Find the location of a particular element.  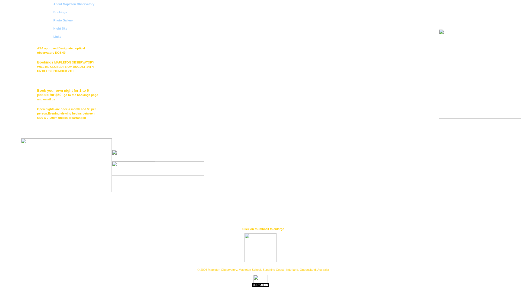

'About Mapleton Observatory' is located at coordinates (53, 4).